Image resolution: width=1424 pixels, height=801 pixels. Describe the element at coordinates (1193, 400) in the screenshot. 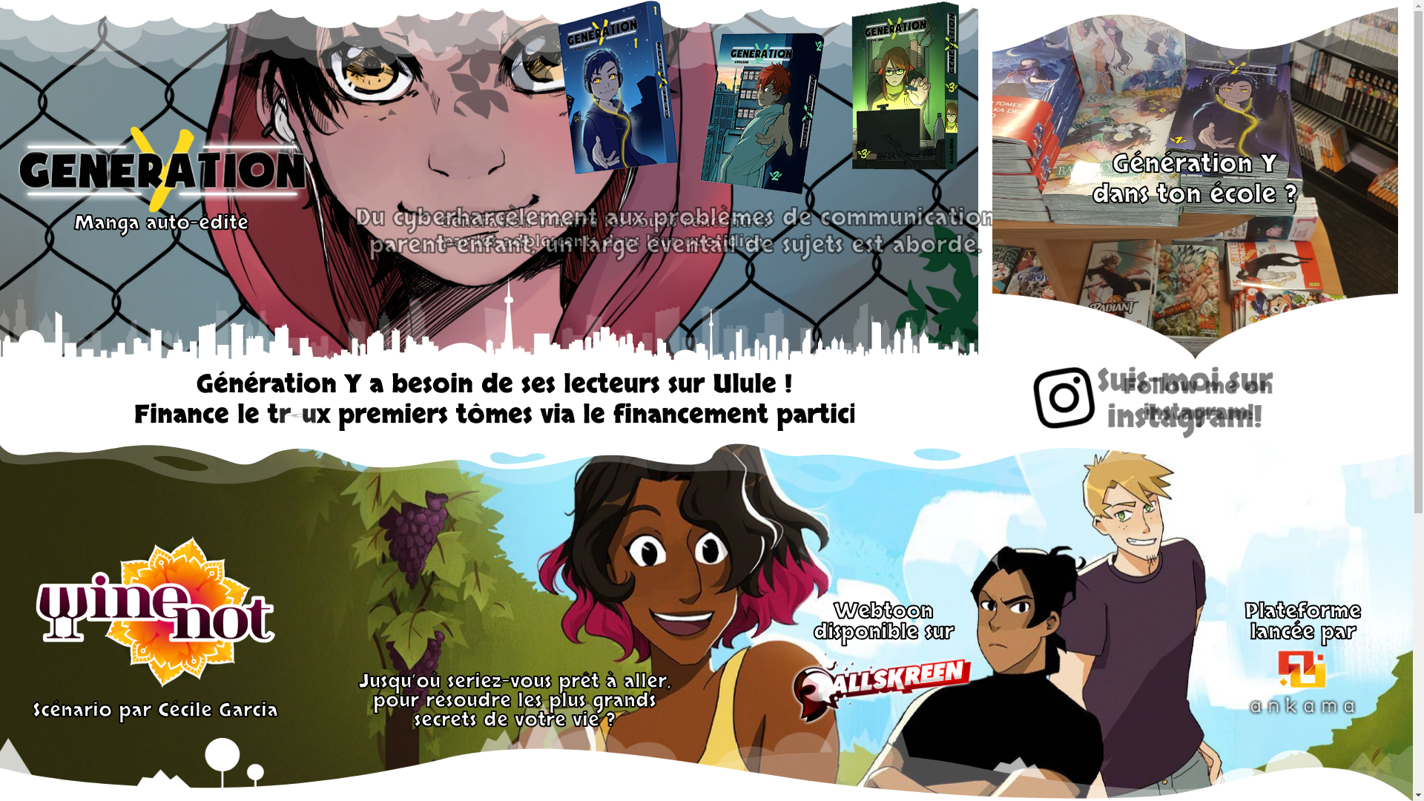

I see `'Suis-moi sur` at that location.